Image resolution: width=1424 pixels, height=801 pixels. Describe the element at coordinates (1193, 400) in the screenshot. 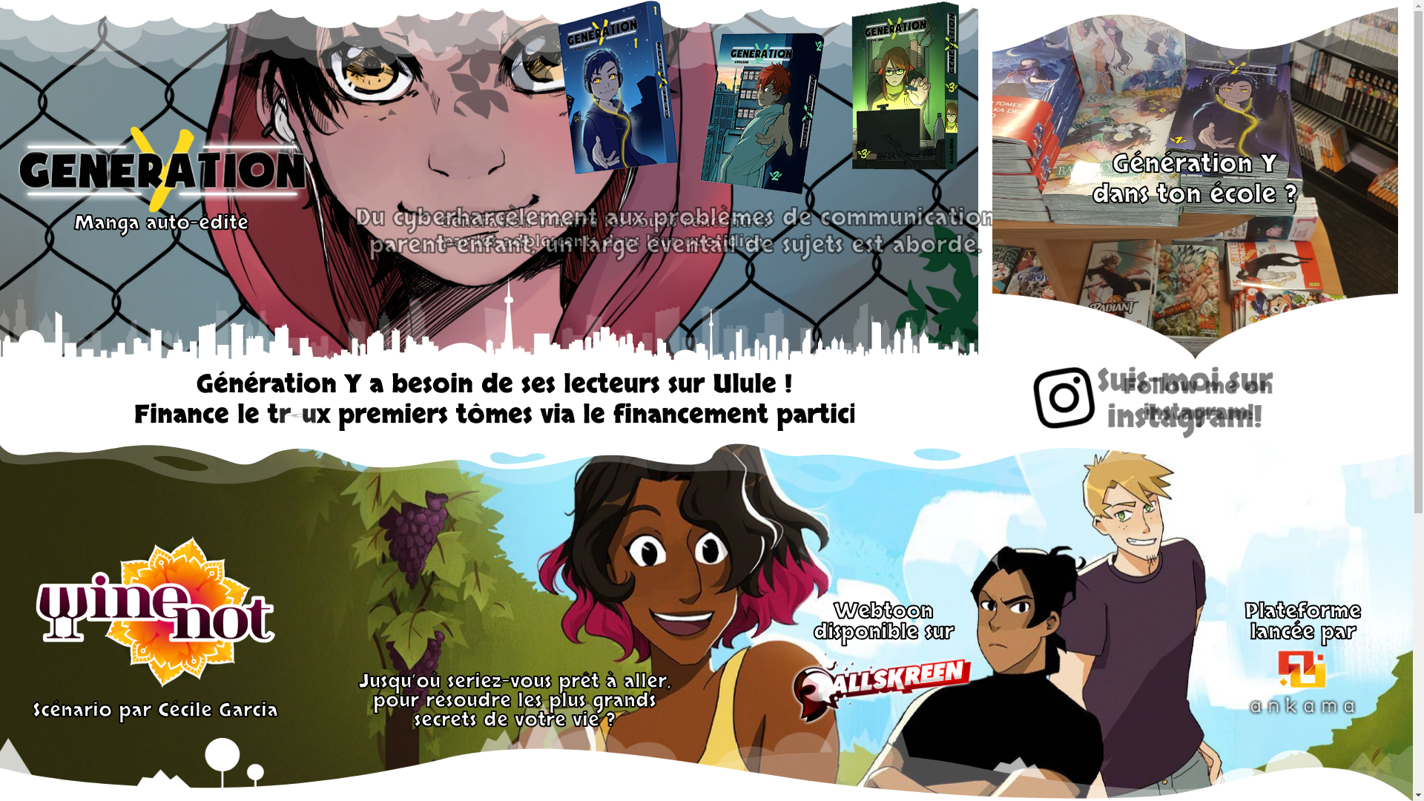

I see `'Suis-moi sur` at that location.